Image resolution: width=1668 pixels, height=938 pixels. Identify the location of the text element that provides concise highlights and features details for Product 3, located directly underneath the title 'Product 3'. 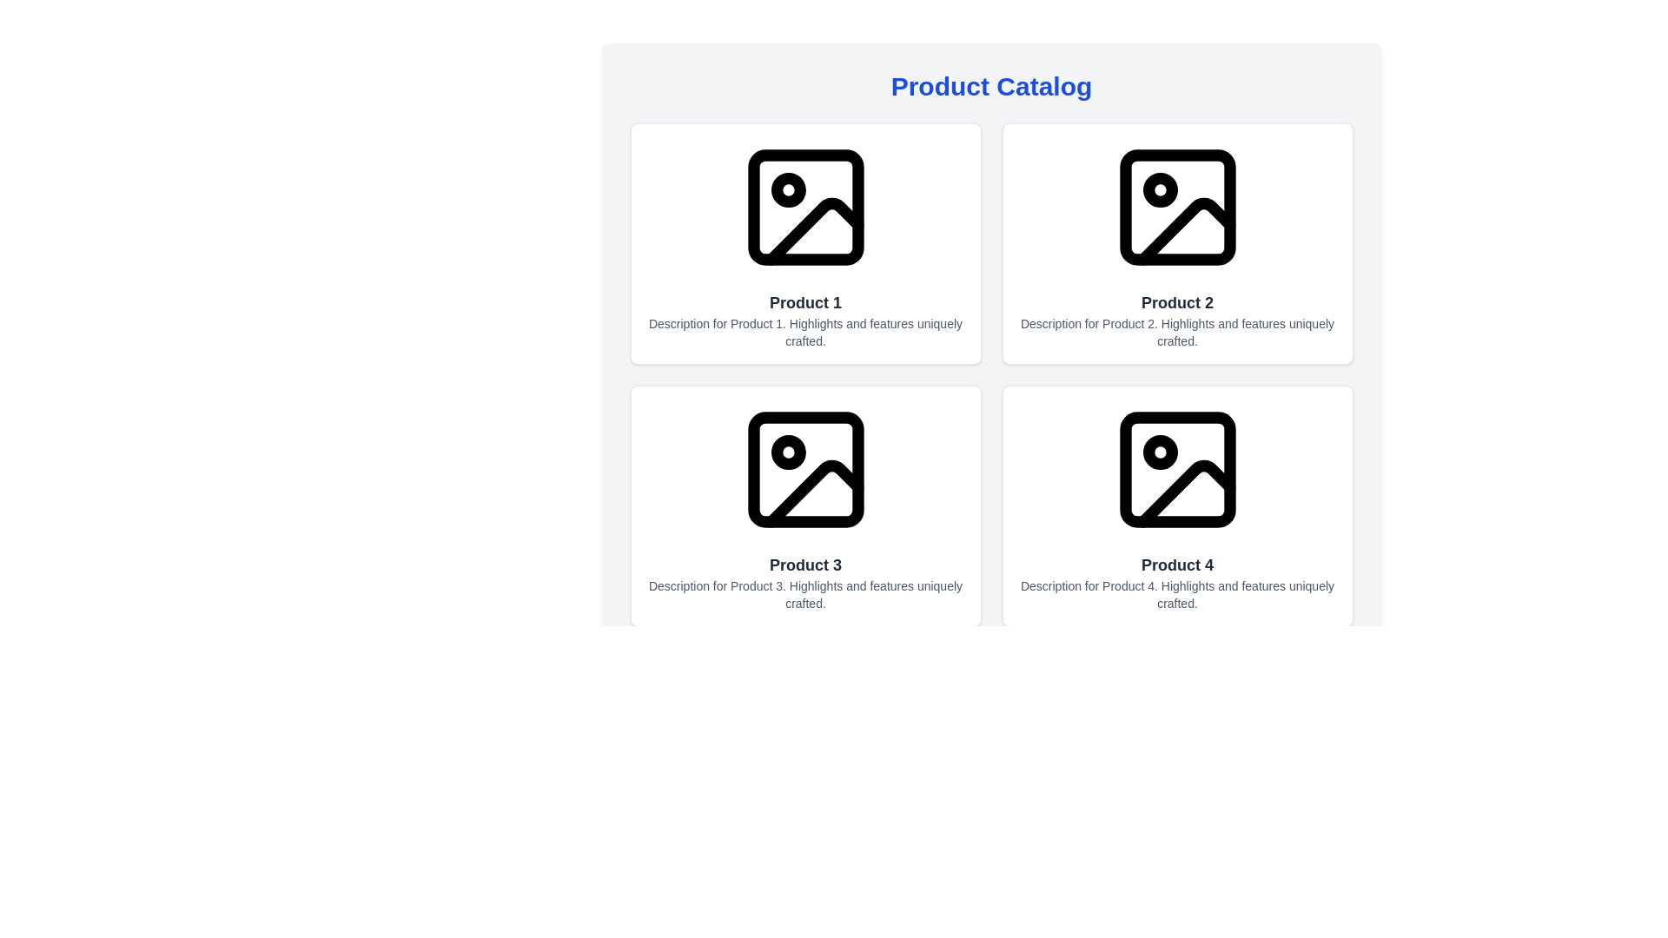
(804, 594).